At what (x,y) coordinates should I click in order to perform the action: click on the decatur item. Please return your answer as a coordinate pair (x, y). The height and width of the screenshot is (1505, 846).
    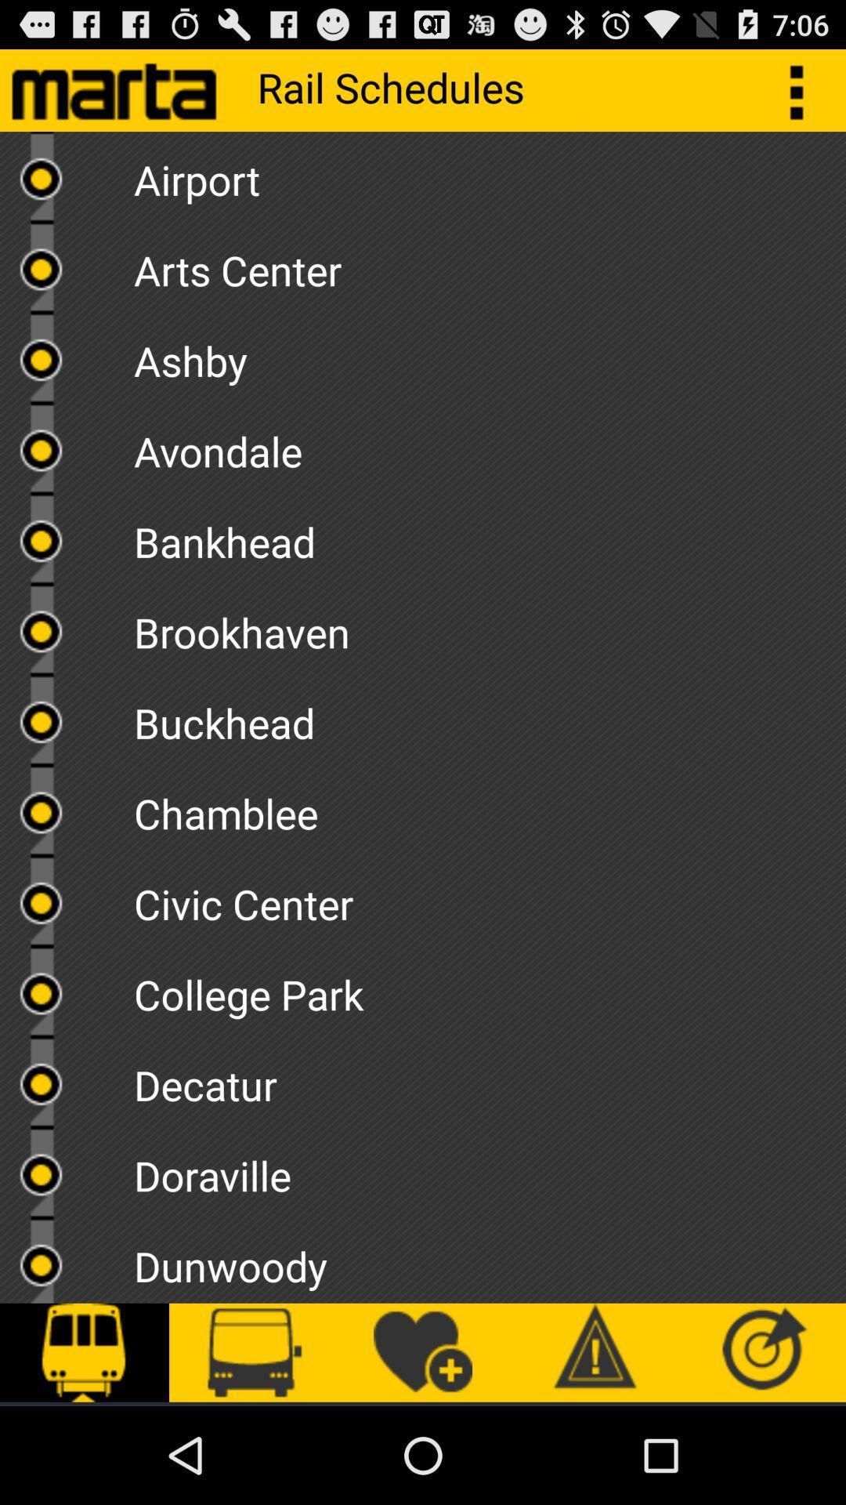
    Looking at the image, I should click on (489, 1079).